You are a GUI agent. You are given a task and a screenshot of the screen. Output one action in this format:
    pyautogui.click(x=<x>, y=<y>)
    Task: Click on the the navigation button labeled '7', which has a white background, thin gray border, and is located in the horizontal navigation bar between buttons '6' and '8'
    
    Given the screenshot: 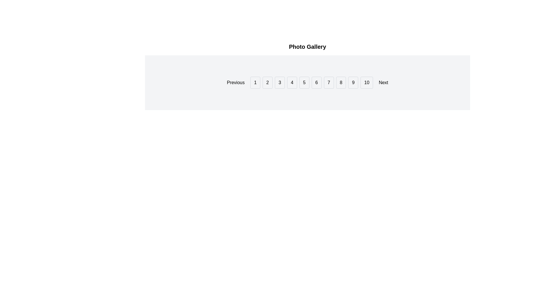 What is the action you would take?
    pyautogui.click(x=329, y=82)
    